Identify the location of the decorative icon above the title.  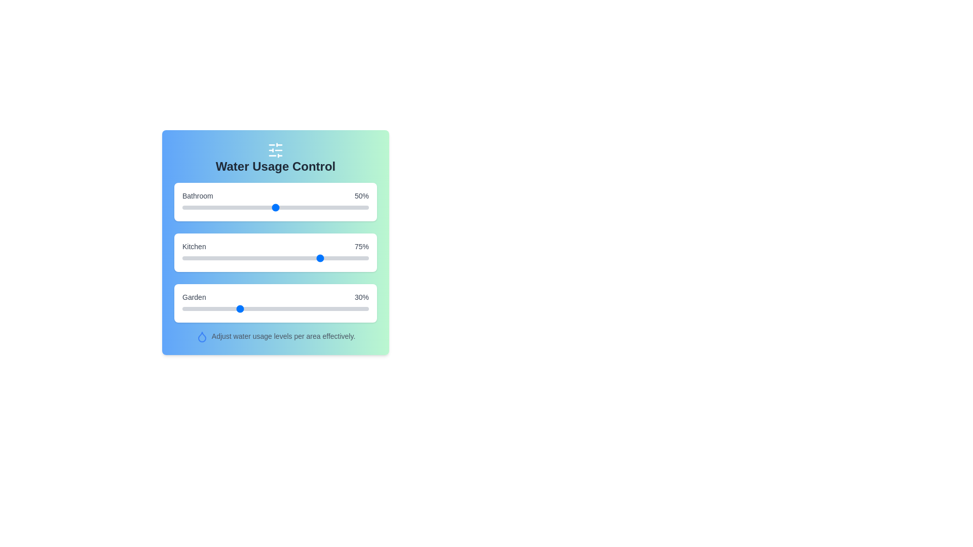
(275, 150).